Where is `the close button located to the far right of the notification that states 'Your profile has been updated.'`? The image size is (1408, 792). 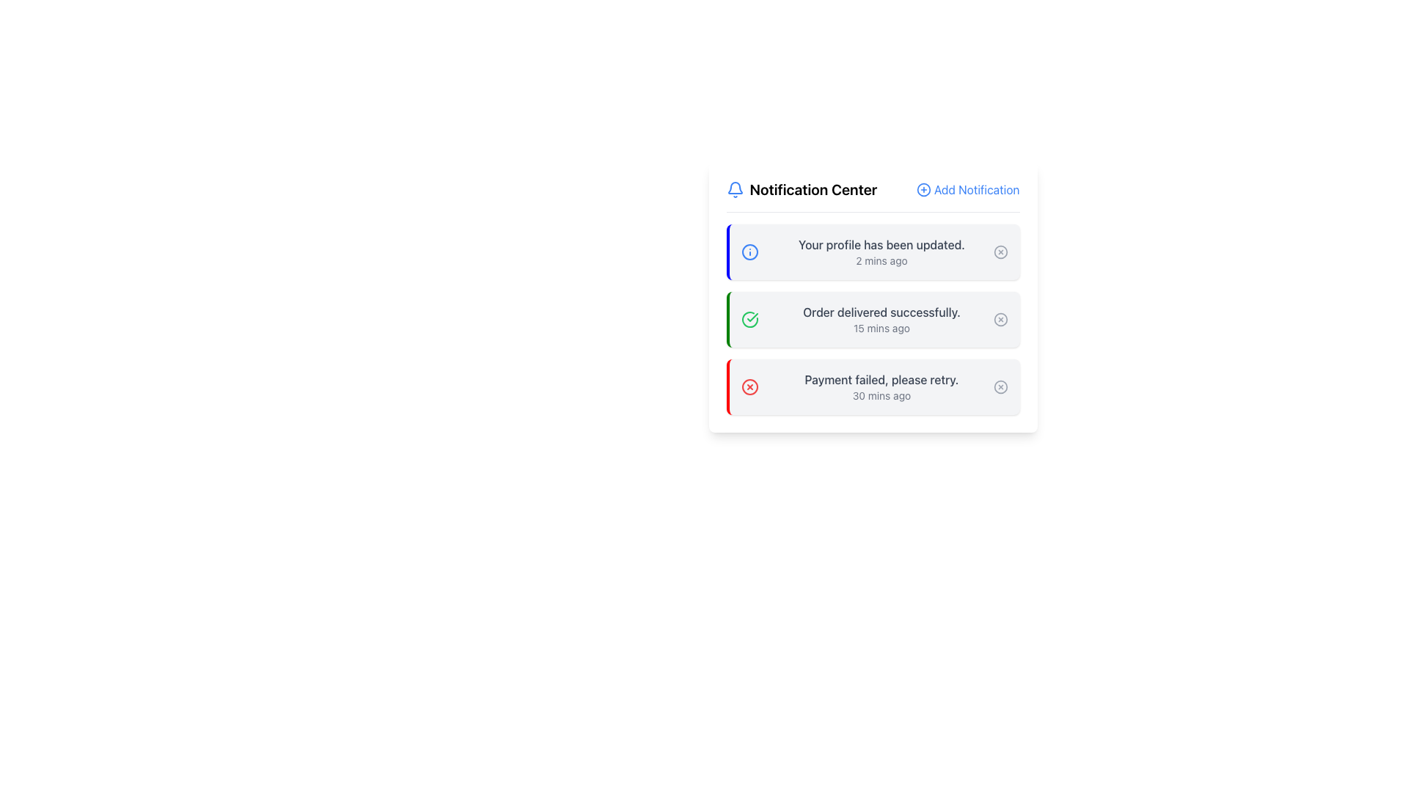
the close button located to the far right of the notification that states 'Your profile has been updated.' is located at coordinates (1000, 251).